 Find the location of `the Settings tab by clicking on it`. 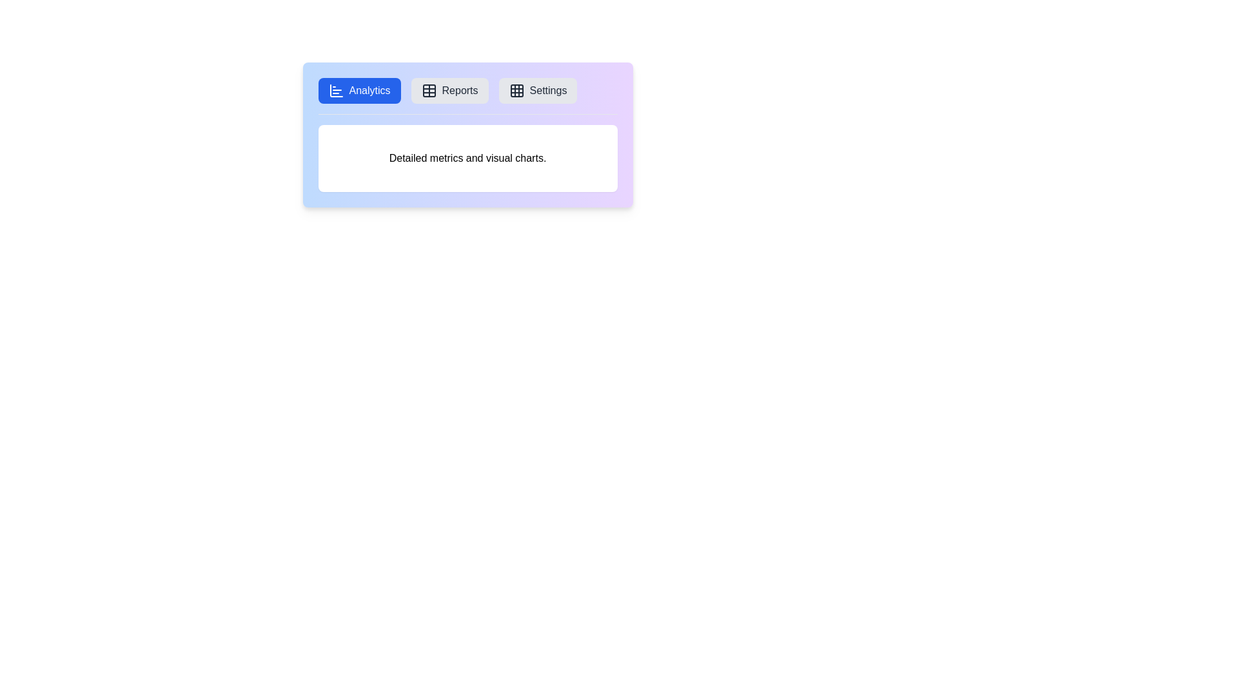

the Settings tab by clicking on it is located at coordinates (538, 90).